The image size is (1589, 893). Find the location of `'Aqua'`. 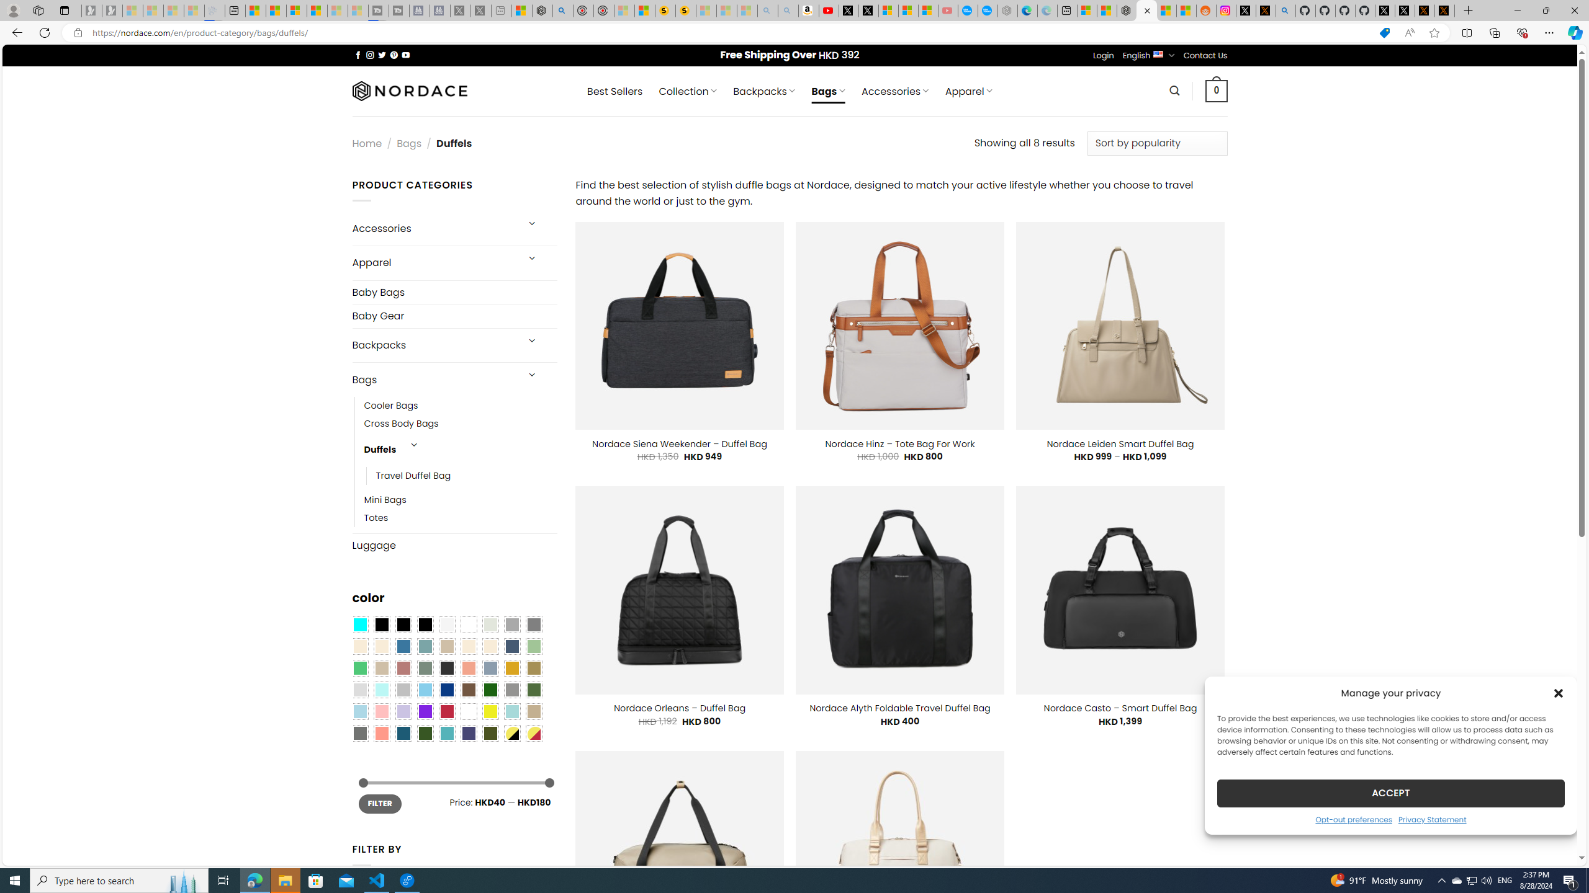

'Aqua' is located at coordinates (511, 711).